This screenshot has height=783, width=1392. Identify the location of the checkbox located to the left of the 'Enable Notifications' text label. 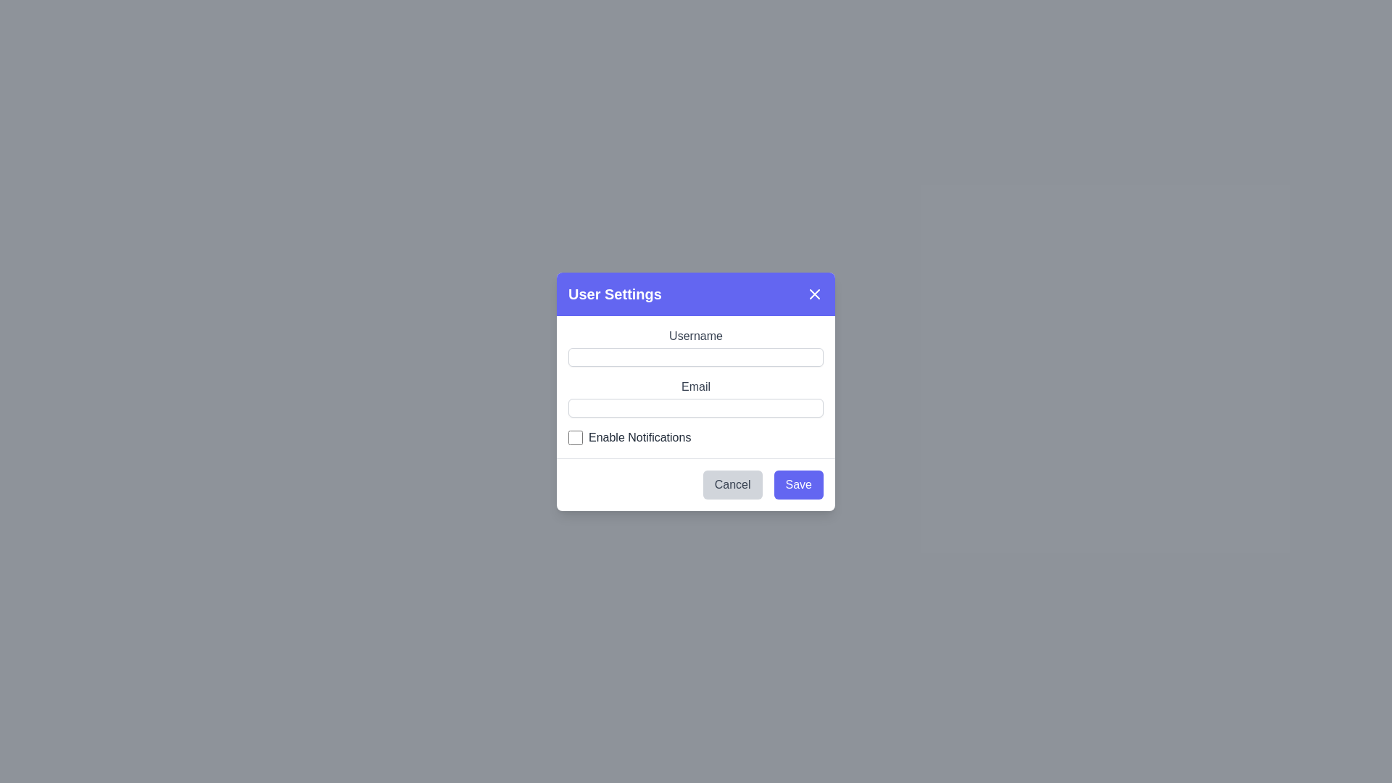
(574, 436).